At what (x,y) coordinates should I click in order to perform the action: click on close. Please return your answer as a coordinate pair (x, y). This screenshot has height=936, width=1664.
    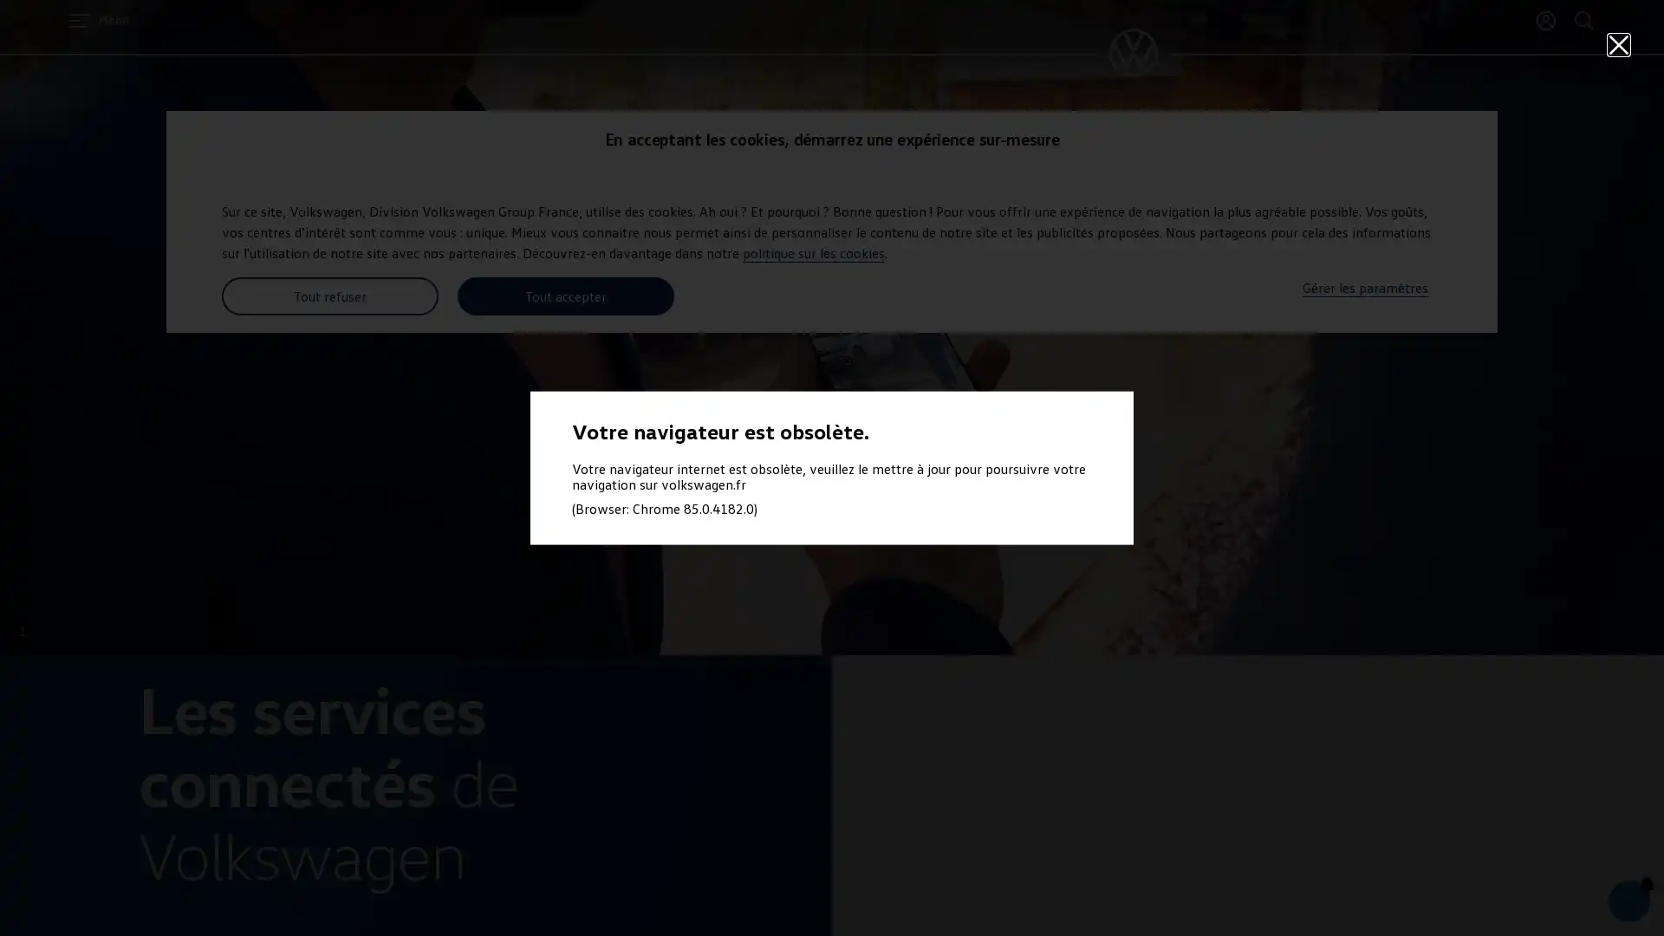
    Looking at the image, I should click on (1617, 43).